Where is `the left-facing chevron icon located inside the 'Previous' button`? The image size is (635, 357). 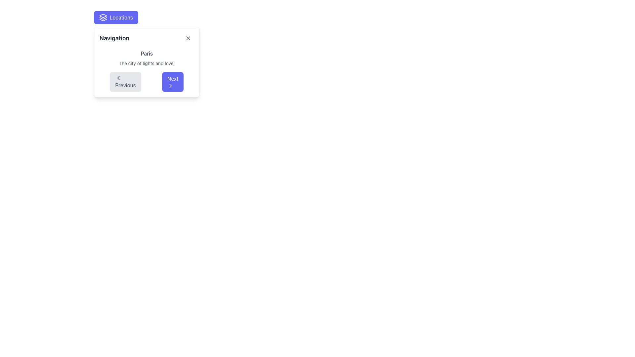
the left-facing chevron icon located inside the 'Previous' button is located at coordinates (118, 77).